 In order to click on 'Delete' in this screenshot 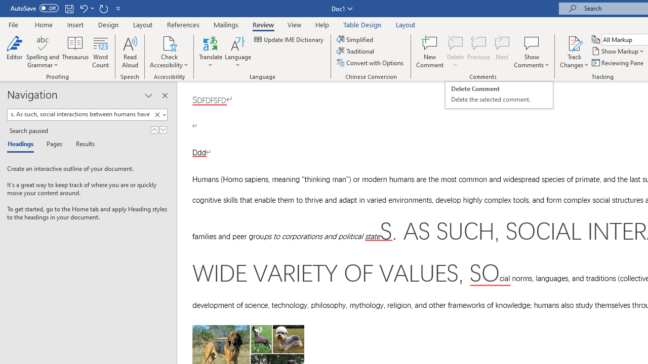, I will do `click(455, 42)`.